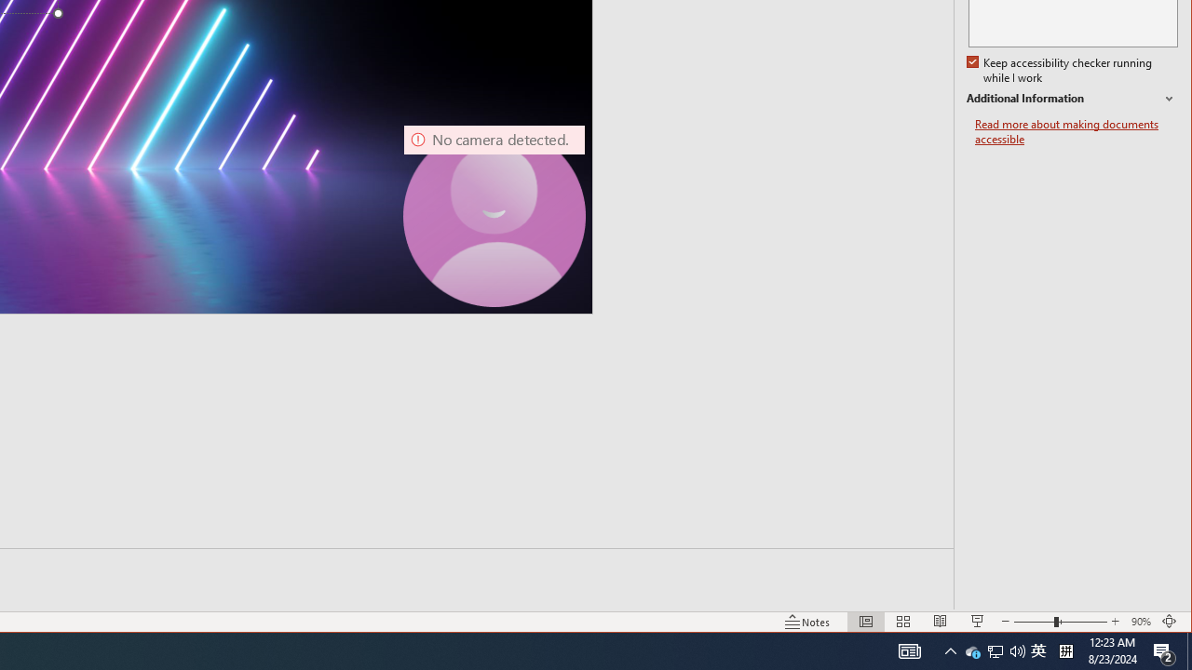 This screenshot has width=1192, height=670. Describe the element at coordinates (1140, 622) in the screenshot. I see `'Zoom 90%'` at that location.